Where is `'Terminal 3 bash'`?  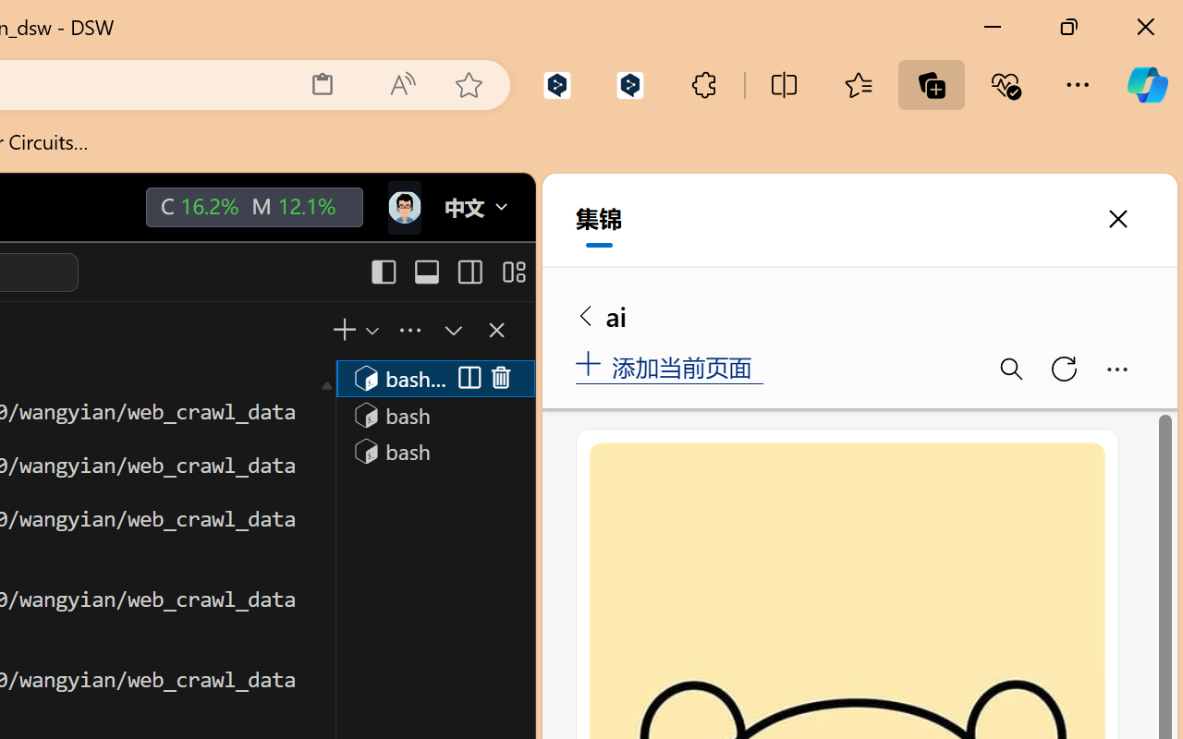 'Terminal 3 bash' is located at coordinates (433, 451).